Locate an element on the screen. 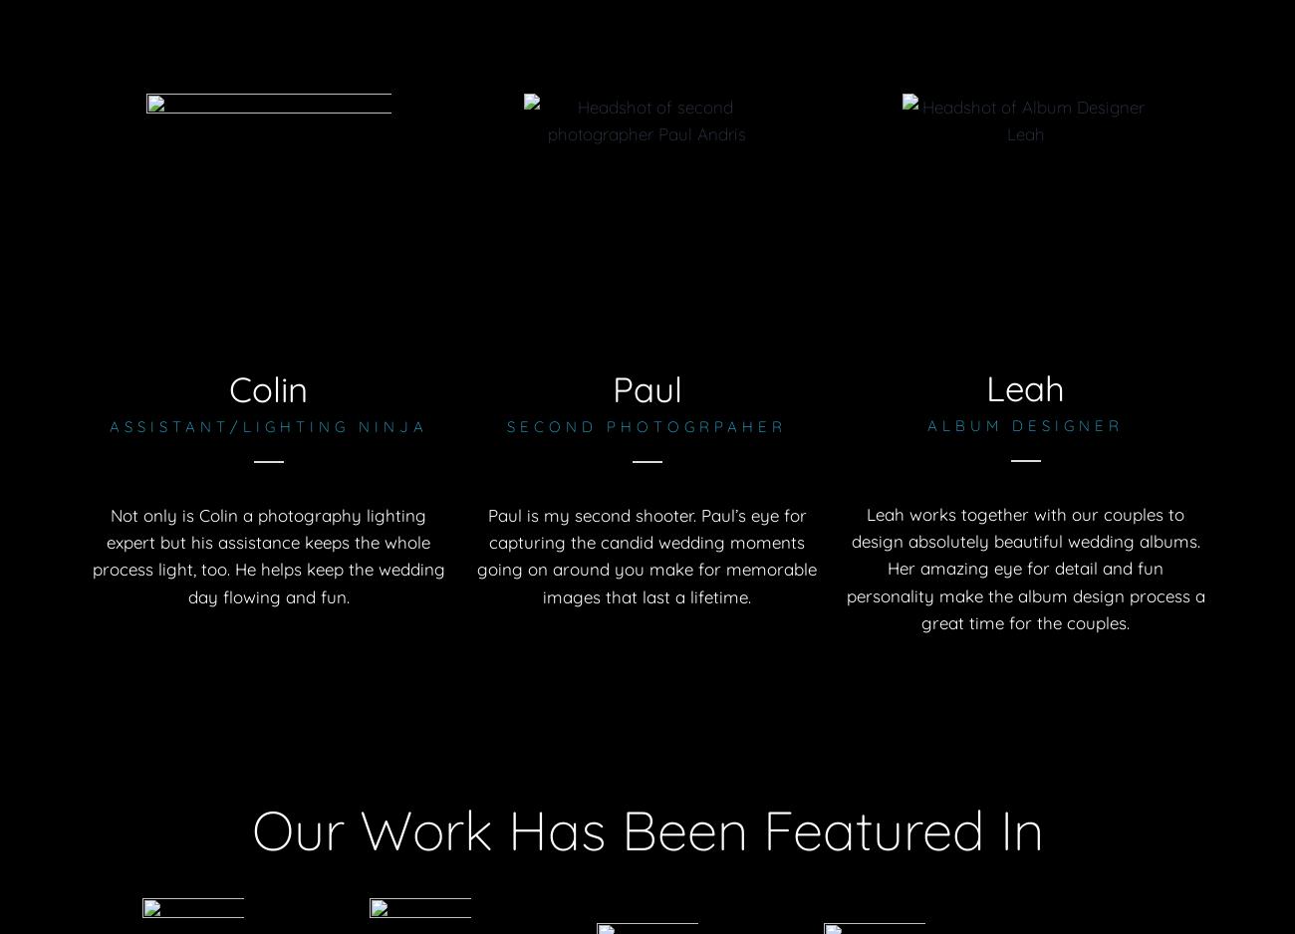 This screenshot has height=934, width=1295. 'Colin' is located at coordinates (267, 387).